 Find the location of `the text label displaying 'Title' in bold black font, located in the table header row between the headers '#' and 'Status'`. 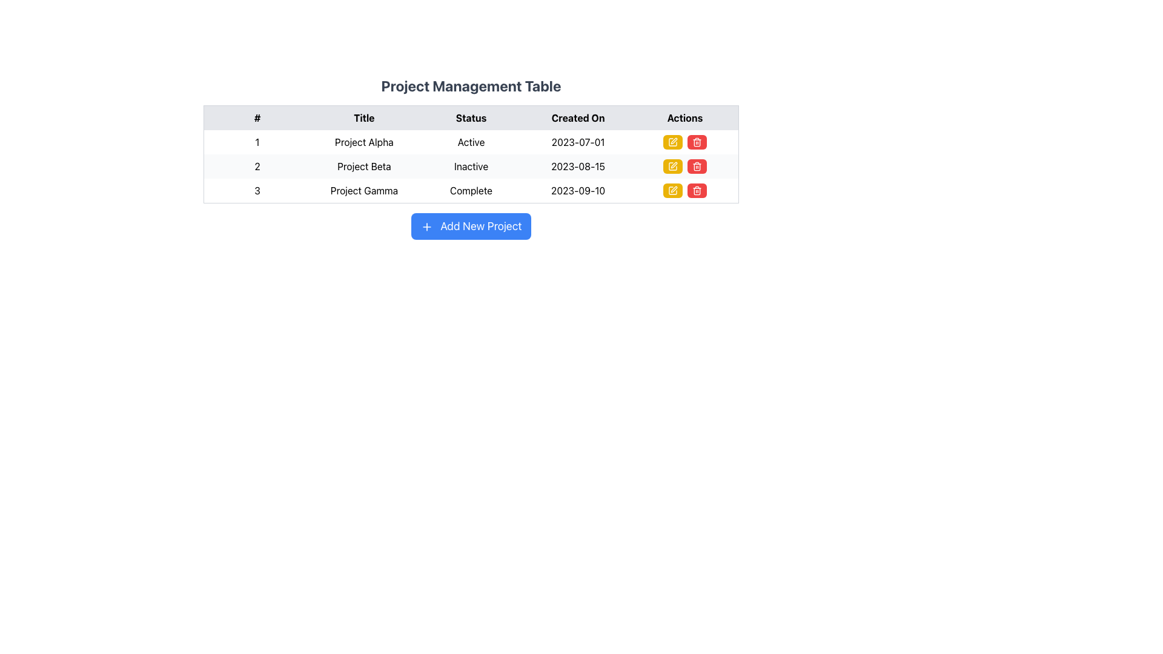

the text label displaying 'Title' in bold black font, located in the table header row between the headers '#' and 'Status' is located at coordinates (363, 117).